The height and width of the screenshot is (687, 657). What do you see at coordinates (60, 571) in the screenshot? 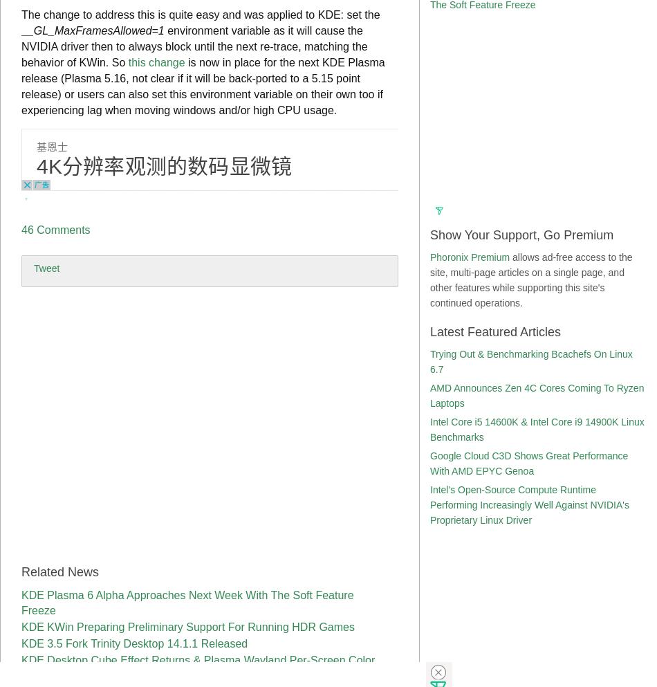
I see `'Related News'` at bounding box center [60, 571].